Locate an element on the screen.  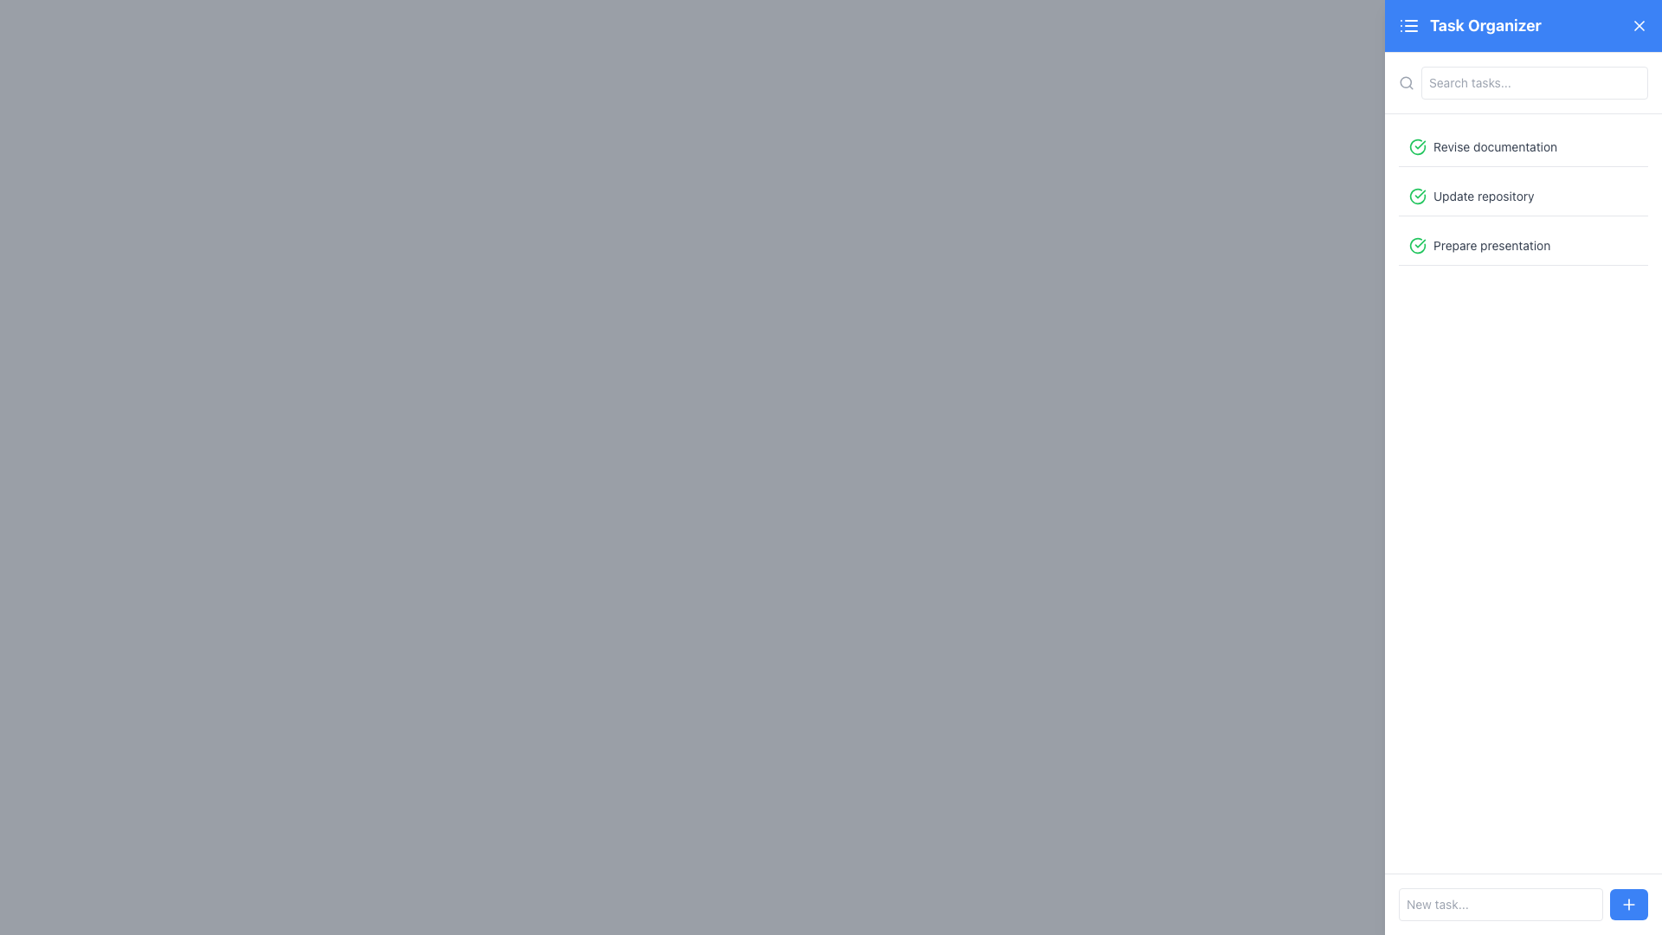
the circular glass element of the search icon located in the top-right corner of the interface adjacent to the search bar is located at coordinates (1406, 82).